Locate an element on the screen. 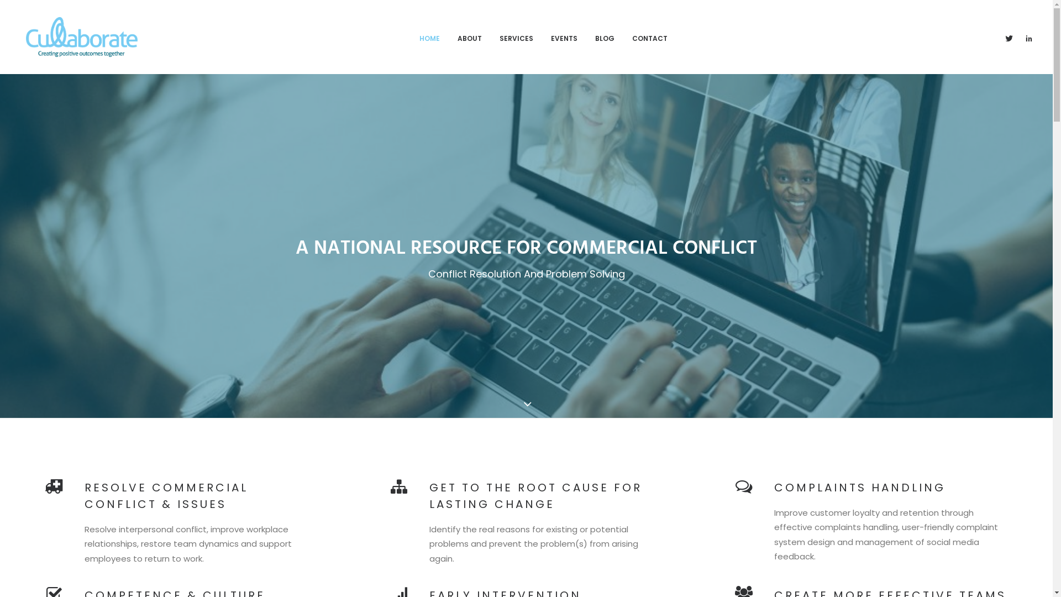  'EVENTS' is located at coordinates (564, 36).